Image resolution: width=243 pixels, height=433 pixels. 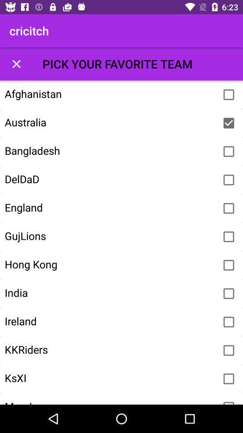 I want to click on the team to favorites, so click(x=229, y=95).